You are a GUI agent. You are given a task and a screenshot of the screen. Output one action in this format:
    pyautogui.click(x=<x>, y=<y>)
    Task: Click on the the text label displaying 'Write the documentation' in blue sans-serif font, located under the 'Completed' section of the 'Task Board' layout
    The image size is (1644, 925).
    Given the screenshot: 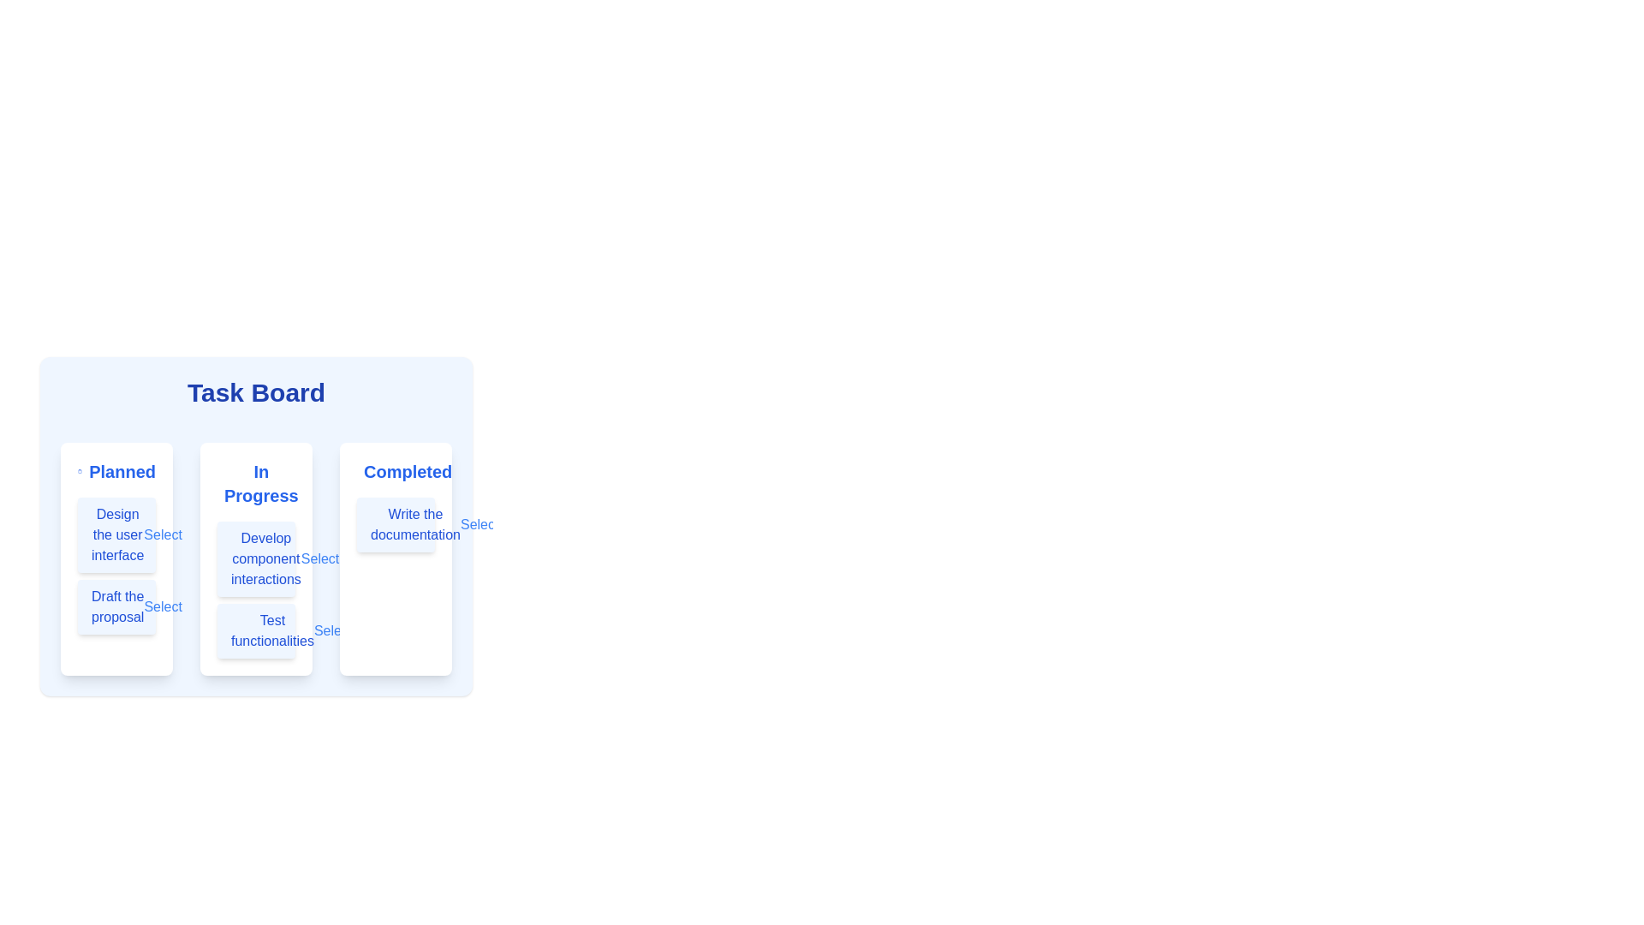 What is the action you would take?
    pyautogui.click(x=415, y=524)
    